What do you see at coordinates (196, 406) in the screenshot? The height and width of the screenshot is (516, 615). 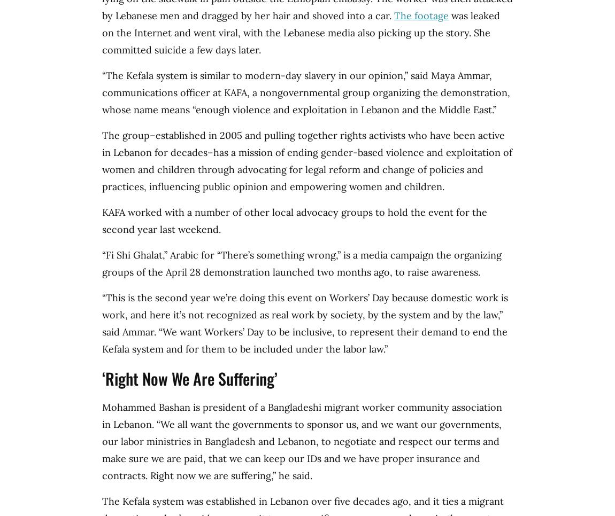 I see `'is'` at bounding box center [196, 406].